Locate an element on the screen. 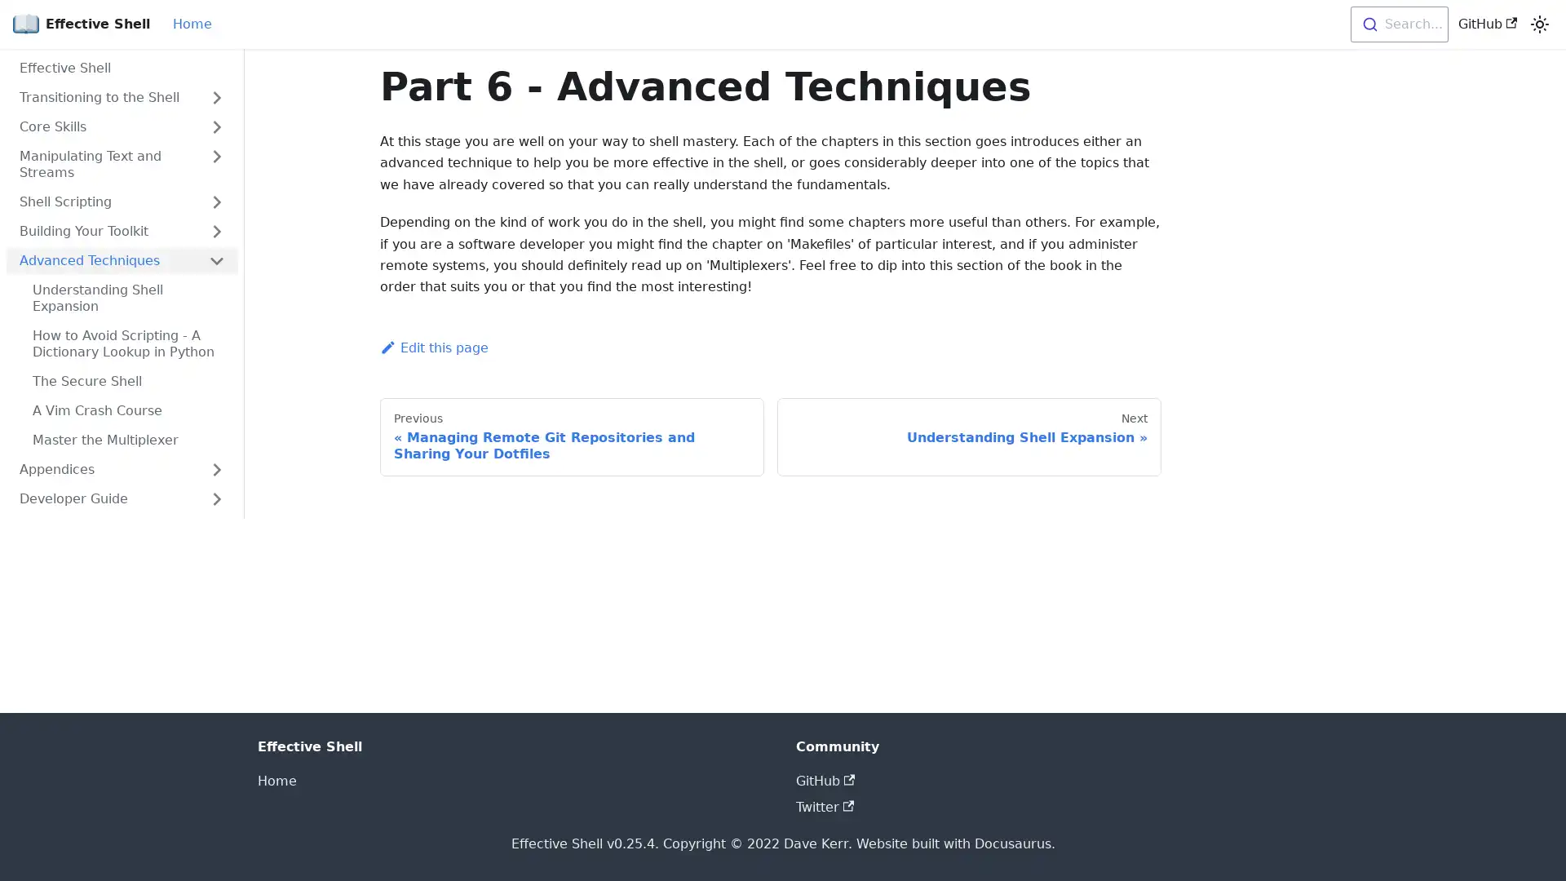  Toggle the collapsible sidebar category 'Transitioning to the Shell' is located at coordinates (215, 97).